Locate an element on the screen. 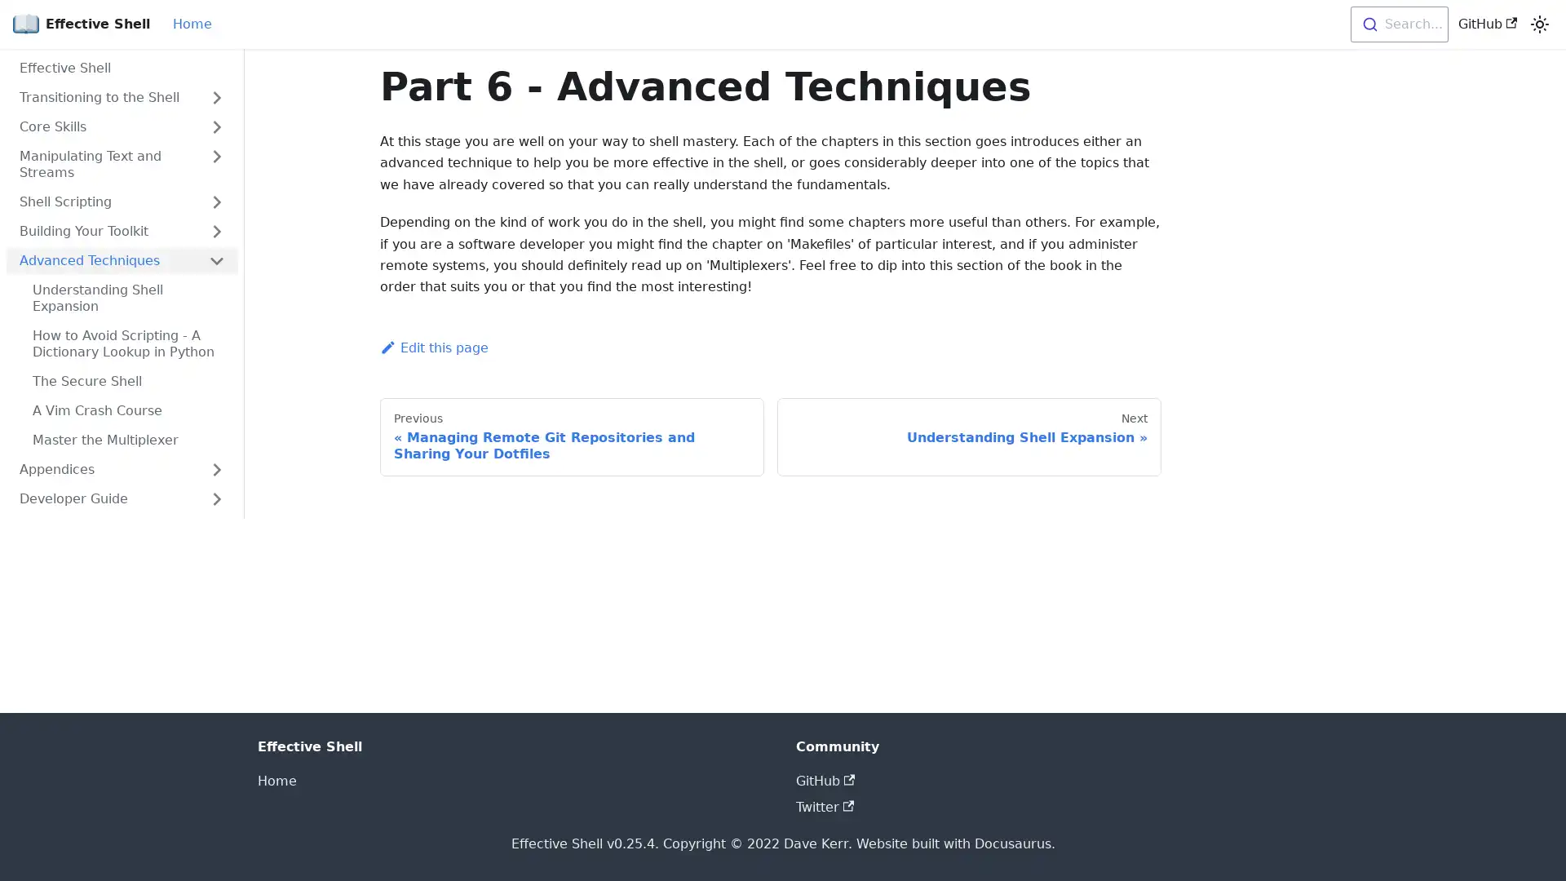  Toggle the collapsible sidebar category 'Transitioning to the Shell' is located at coordinates (215, 97).